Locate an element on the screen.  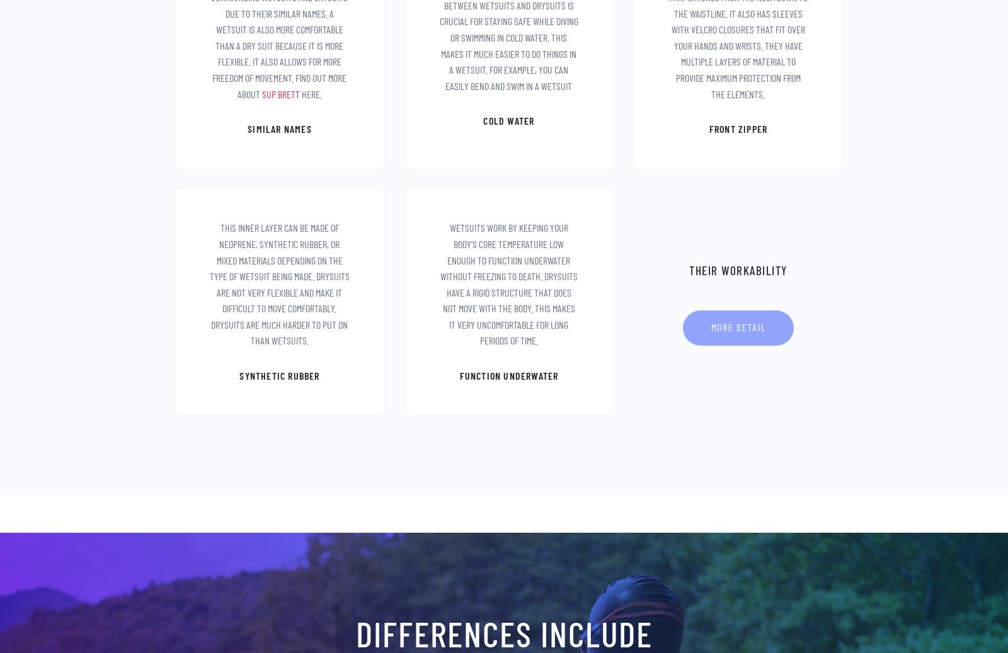
'cold water' is located at coordinates (508, 119).